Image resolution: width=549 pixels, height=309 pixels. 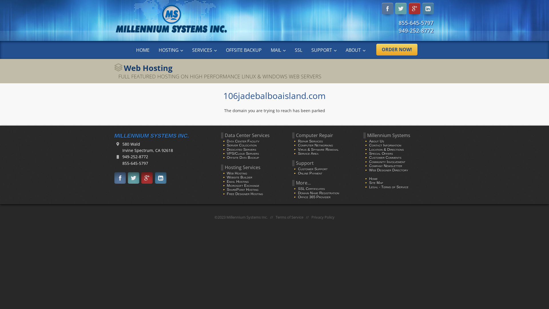 I want to click on 'HOME', so click(x=143, y=49).